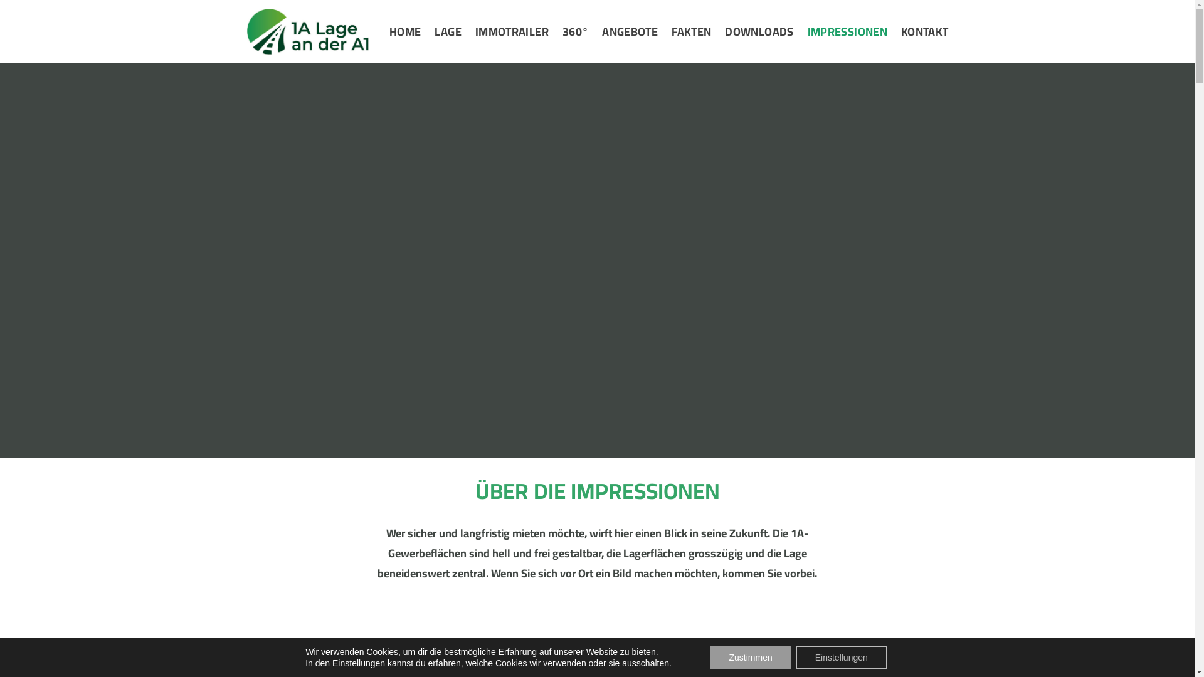  Describe the element at coordinates (750, 657) in the screenshot. I see `'Zustimmen'` at that location.